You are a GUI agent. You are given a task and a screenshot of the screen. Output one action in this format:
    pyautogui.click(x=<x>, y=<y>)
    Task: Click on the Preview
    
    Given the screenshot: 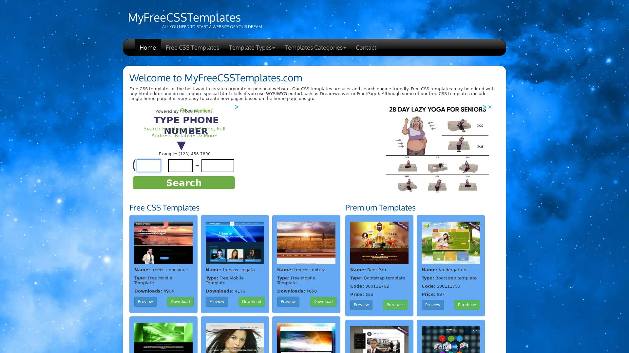 What is the action you would take?
    pyautogui.click(x=432, y=305)
    